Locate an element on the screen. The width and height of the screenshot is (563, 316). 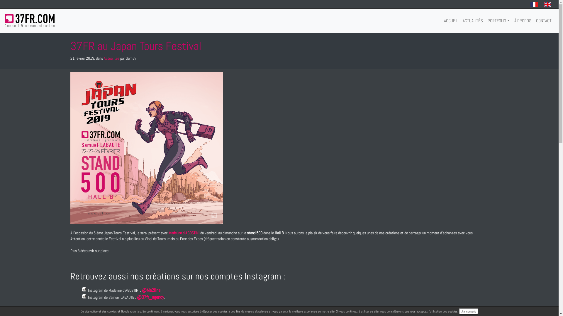
'@Ma2line' is located at coordinates (151, 290).